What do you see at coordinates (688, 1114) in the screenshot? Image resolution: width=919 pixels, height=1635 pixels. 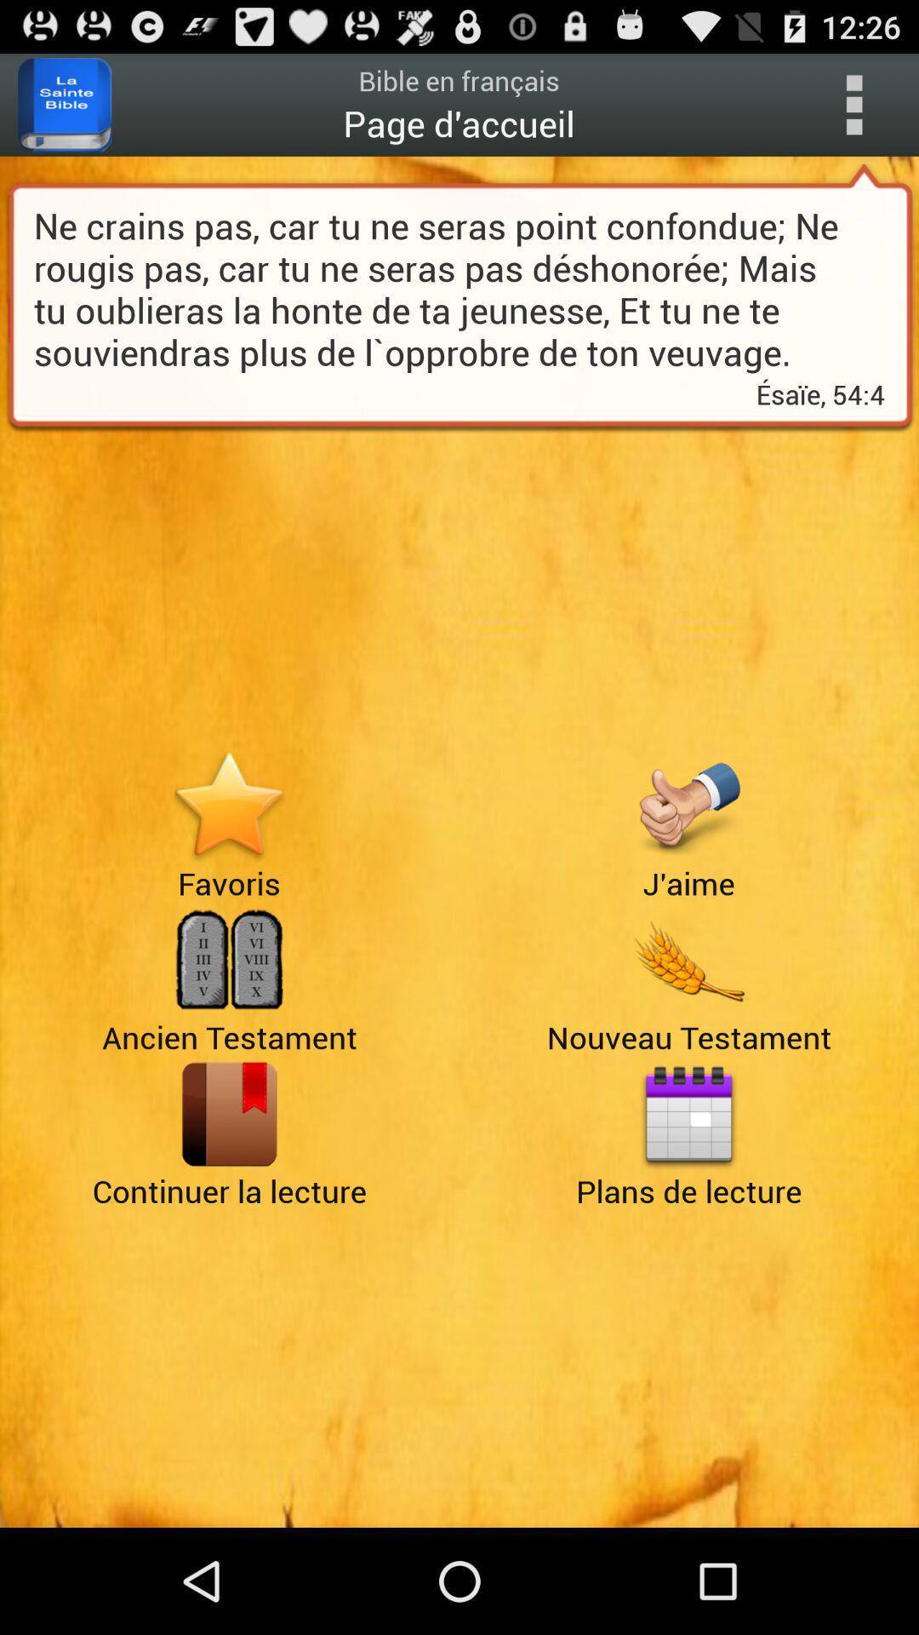 I see `calendar` at bounding box center [688, 1114].